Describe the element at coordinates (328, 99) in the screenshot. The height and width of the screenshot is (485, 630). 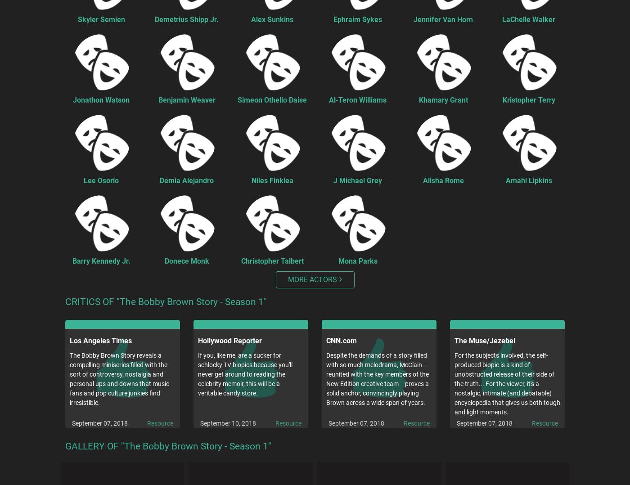
I see `'Al-Teron Williams'` at that location.